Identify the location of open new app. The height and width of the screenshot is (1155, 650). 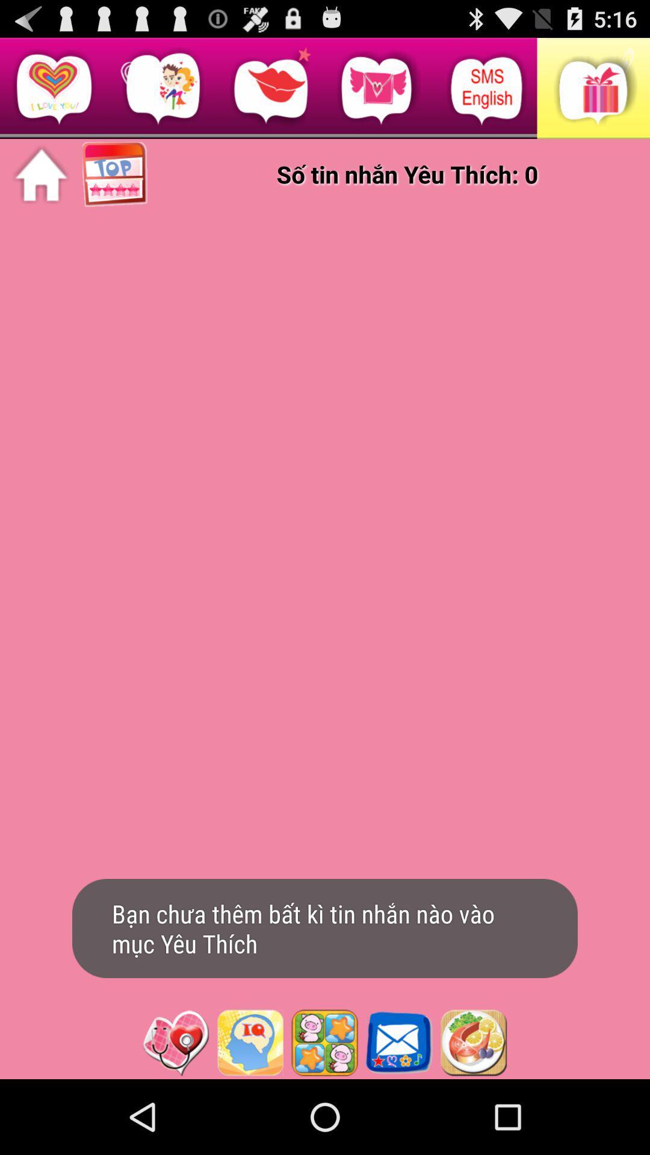
(473, 1042).